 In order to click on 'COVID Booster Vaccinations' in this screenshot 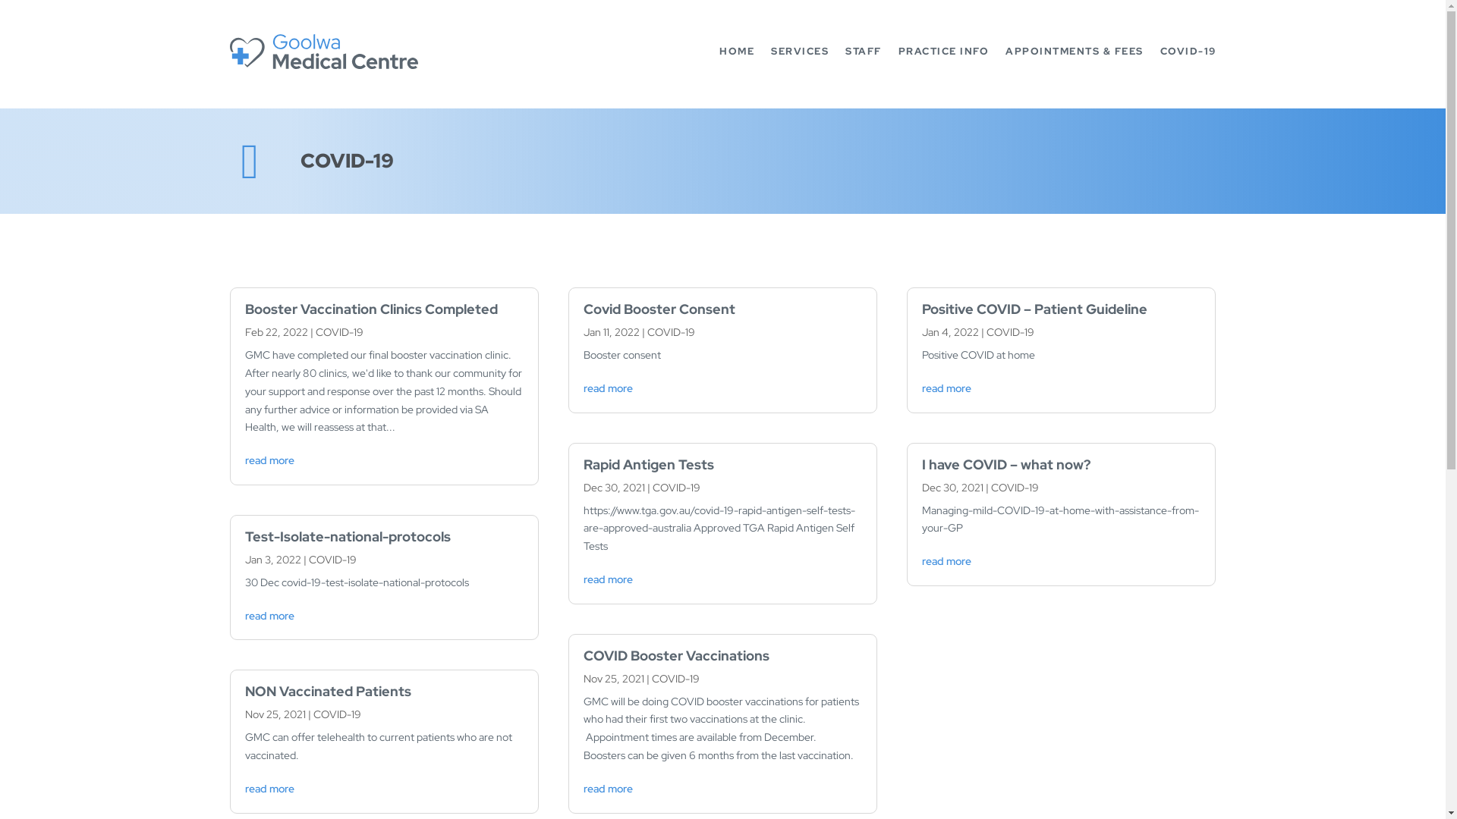, I will do `click(582, 654)`.